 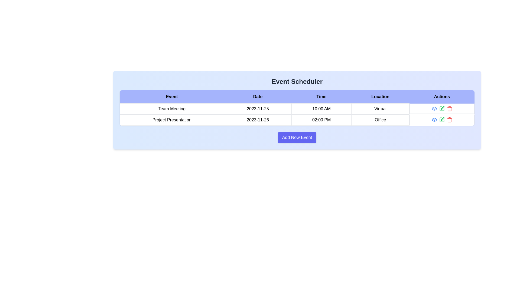 What do you see at coordinates (171, 120) in the screenshot?
I see `the text label displaying 'Project Presentation' which is located in the first column of the second row in a table layout under the 'Event' section` at bounding box center [171, 120].